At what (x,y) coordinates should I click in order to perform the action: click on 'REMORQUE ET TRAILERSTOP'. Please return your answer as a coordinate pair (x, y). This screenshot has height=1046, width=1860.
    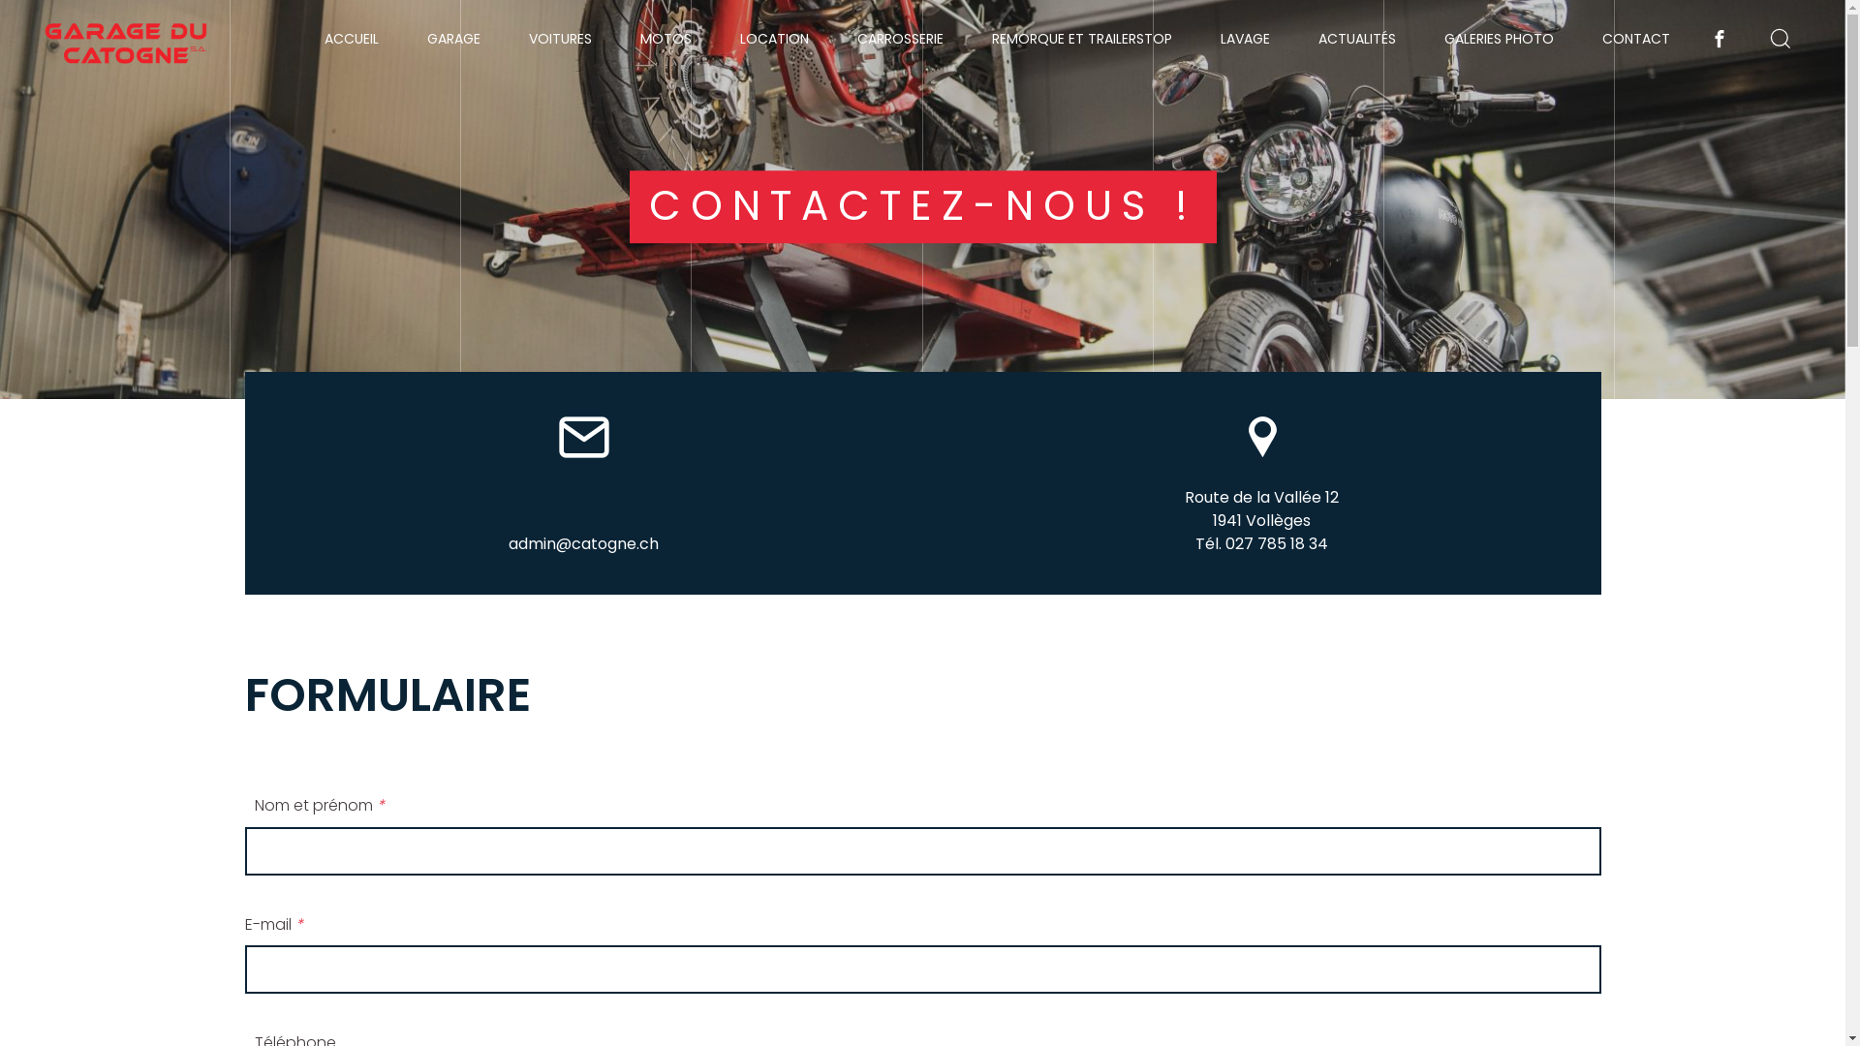
    Looking at the image, I should click on (1081, 38).